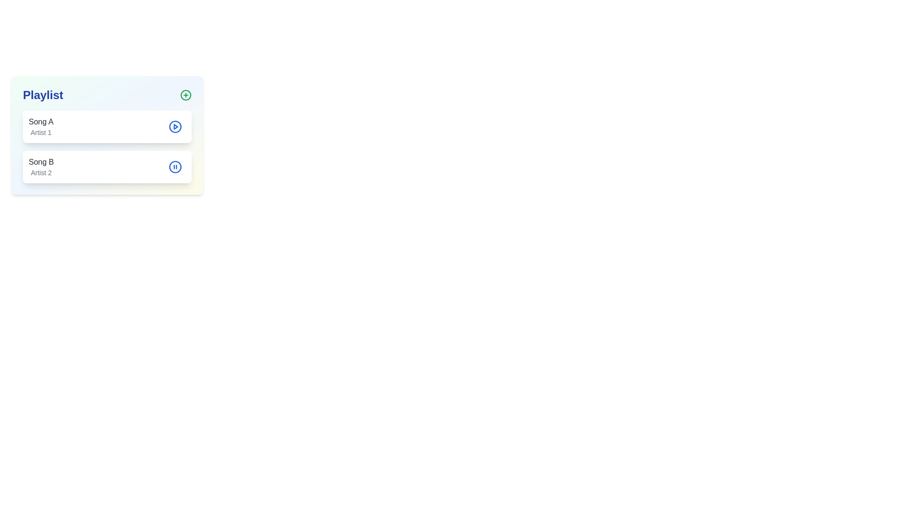 This screenshot has width=920, height=517. I want to click on the pause Icon button located to the right of 'Song B' in the playlist, so click(175, 166).